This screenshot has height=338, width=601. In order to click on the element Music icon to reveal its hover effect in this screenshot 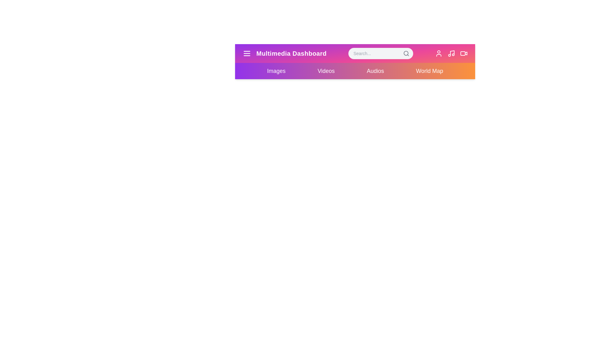, I will do `click(451, 53)`.